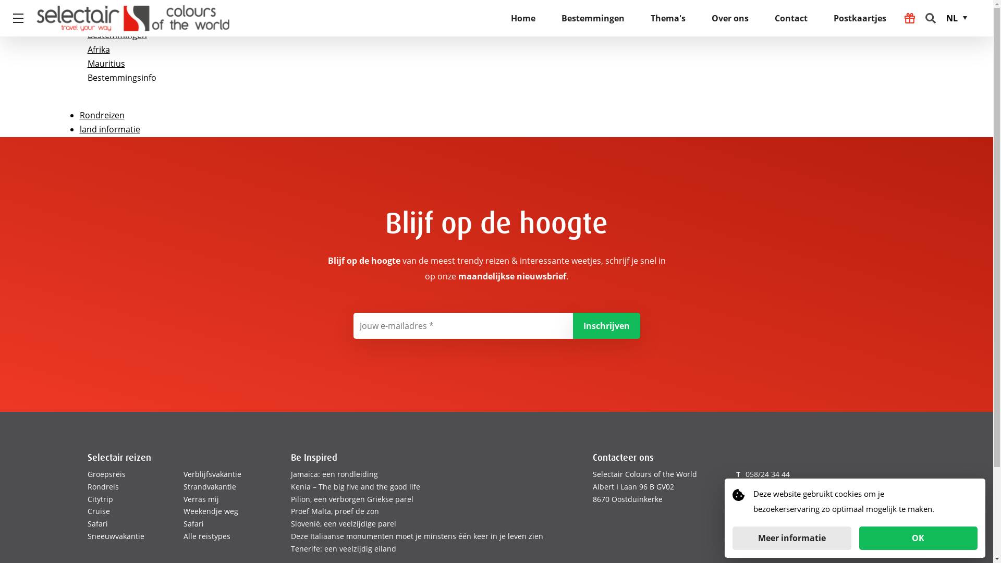 The width and height of the screenshot is (1001, 563). Describe the element at coordinates (210, 510) in the screenshot. I see `'Weekendje weg'` at that location.